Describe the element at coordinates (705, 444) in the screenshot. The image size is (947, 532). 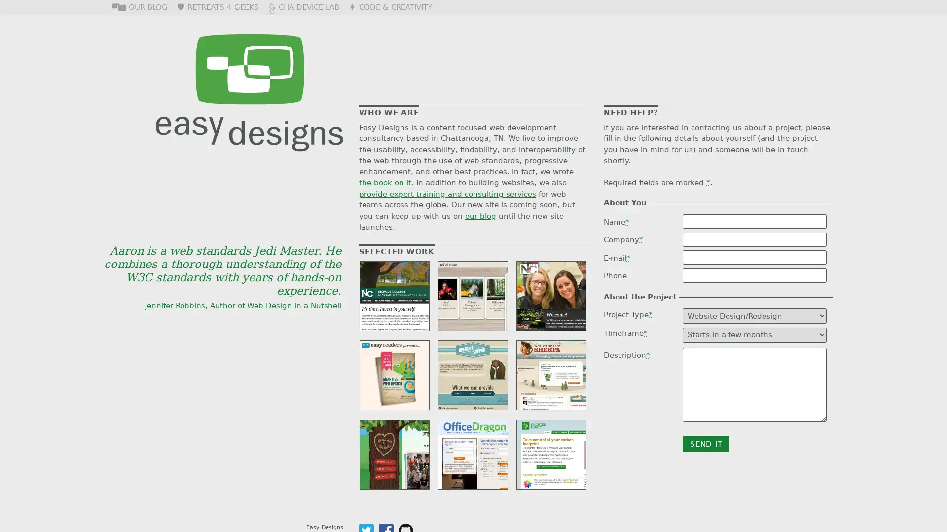
I see `SEND IT` at that location.